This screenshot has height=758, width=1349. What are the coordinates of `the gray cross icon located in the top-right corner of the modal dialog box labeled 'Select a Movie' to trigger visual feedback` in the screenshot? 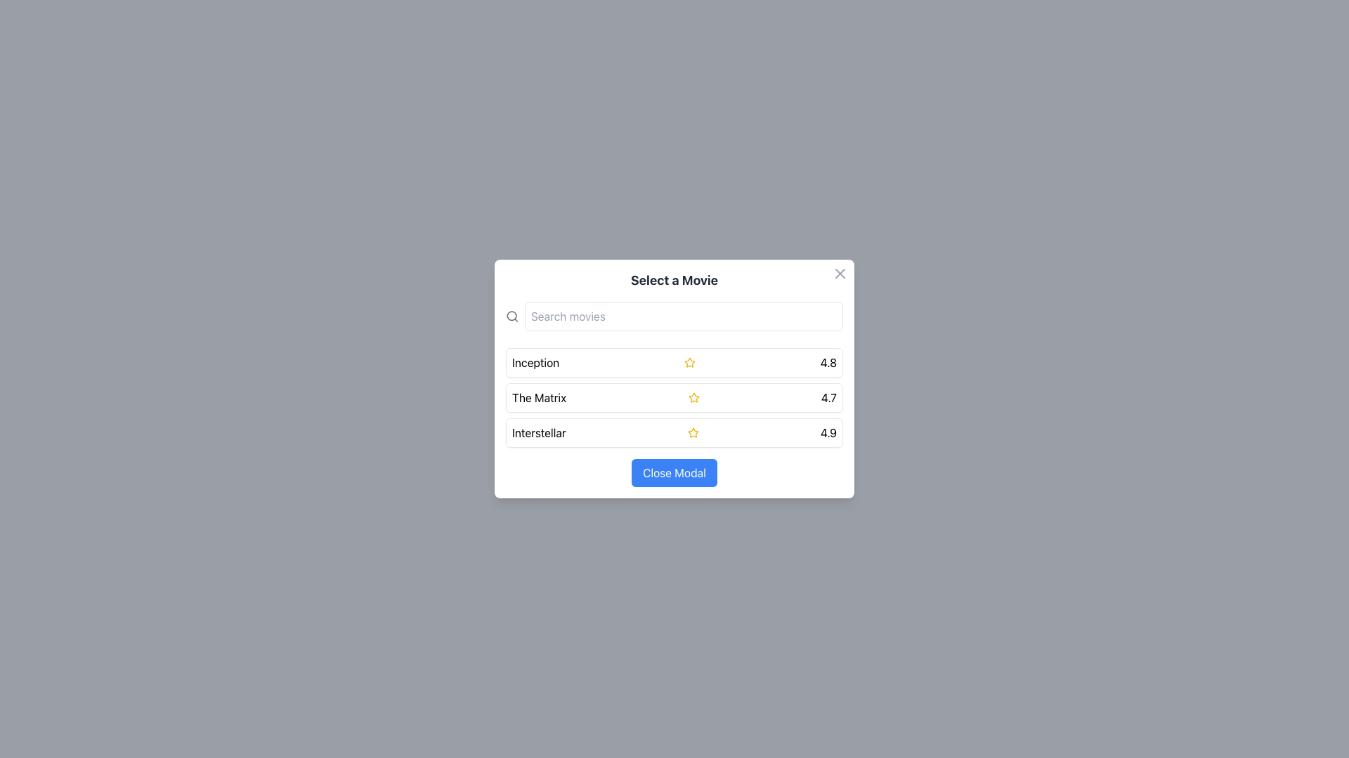 It's located at (840, 273).